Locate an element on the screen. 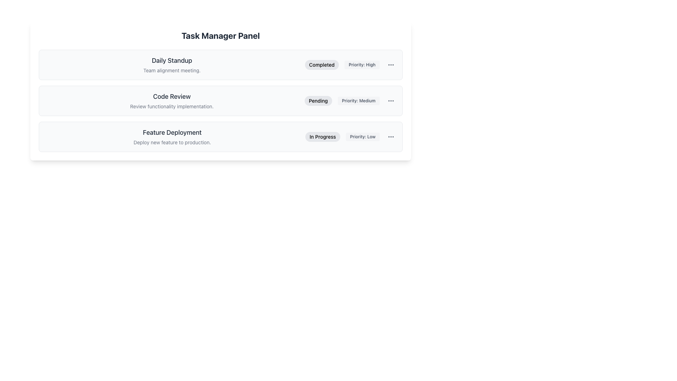  the 'Pending' status label which is part of the 'Code Review' task and is located to the left of the 'Priority: Medium' label is located at coordinates (318, 101).